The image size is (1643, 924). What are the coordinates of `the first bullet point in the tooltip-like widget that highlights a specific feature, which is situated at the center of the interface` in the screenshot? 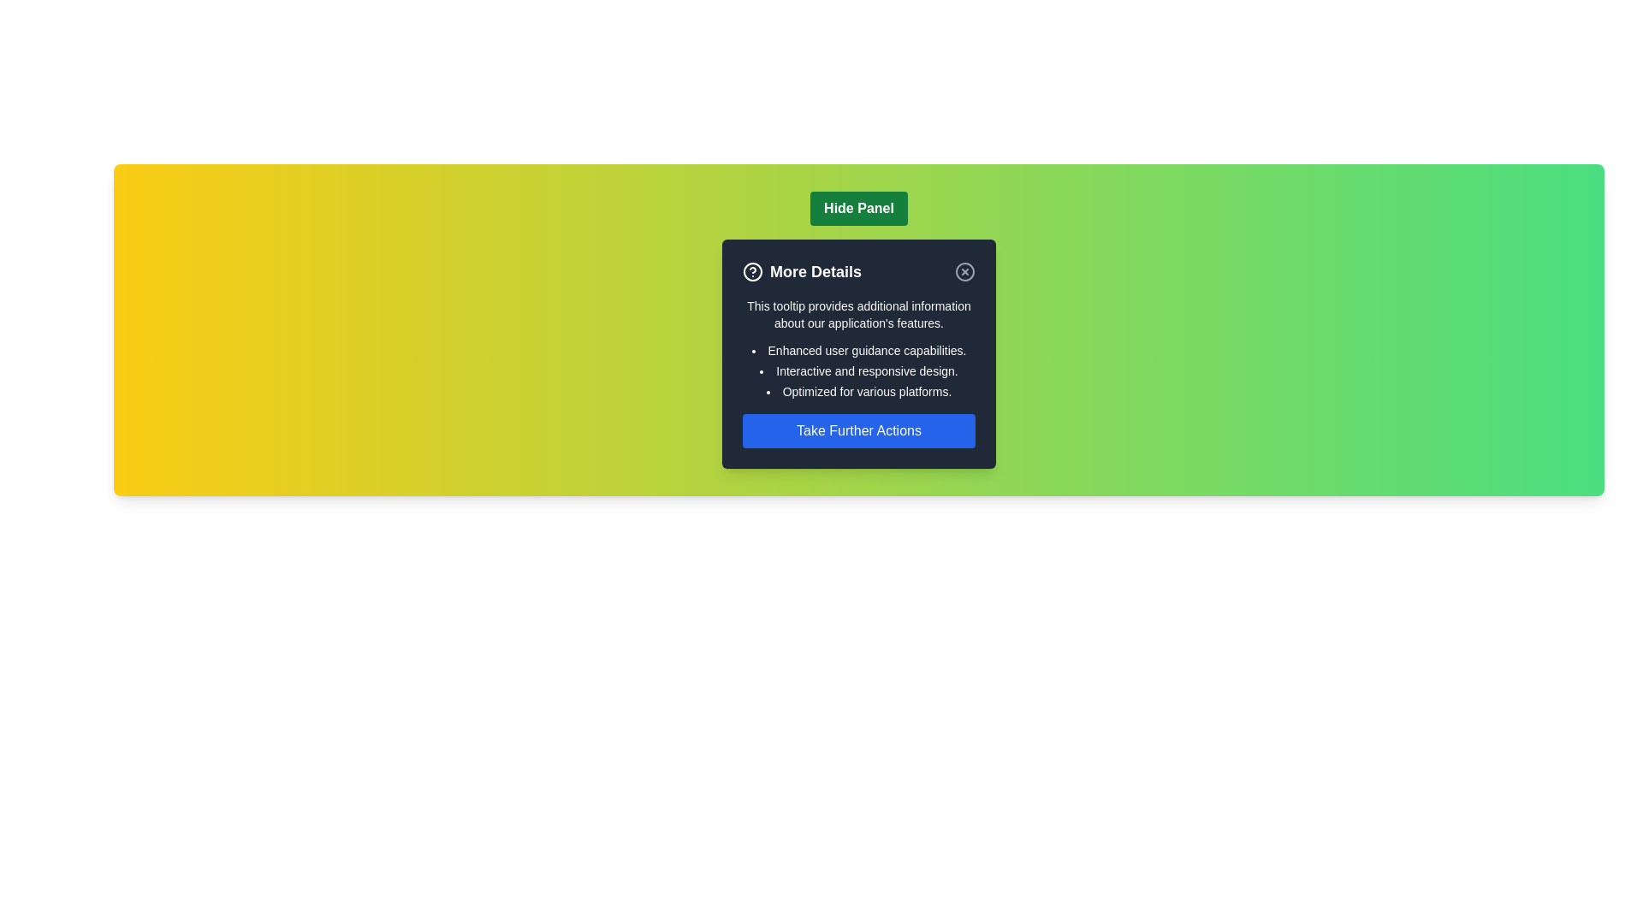 It's located at (858, 349).